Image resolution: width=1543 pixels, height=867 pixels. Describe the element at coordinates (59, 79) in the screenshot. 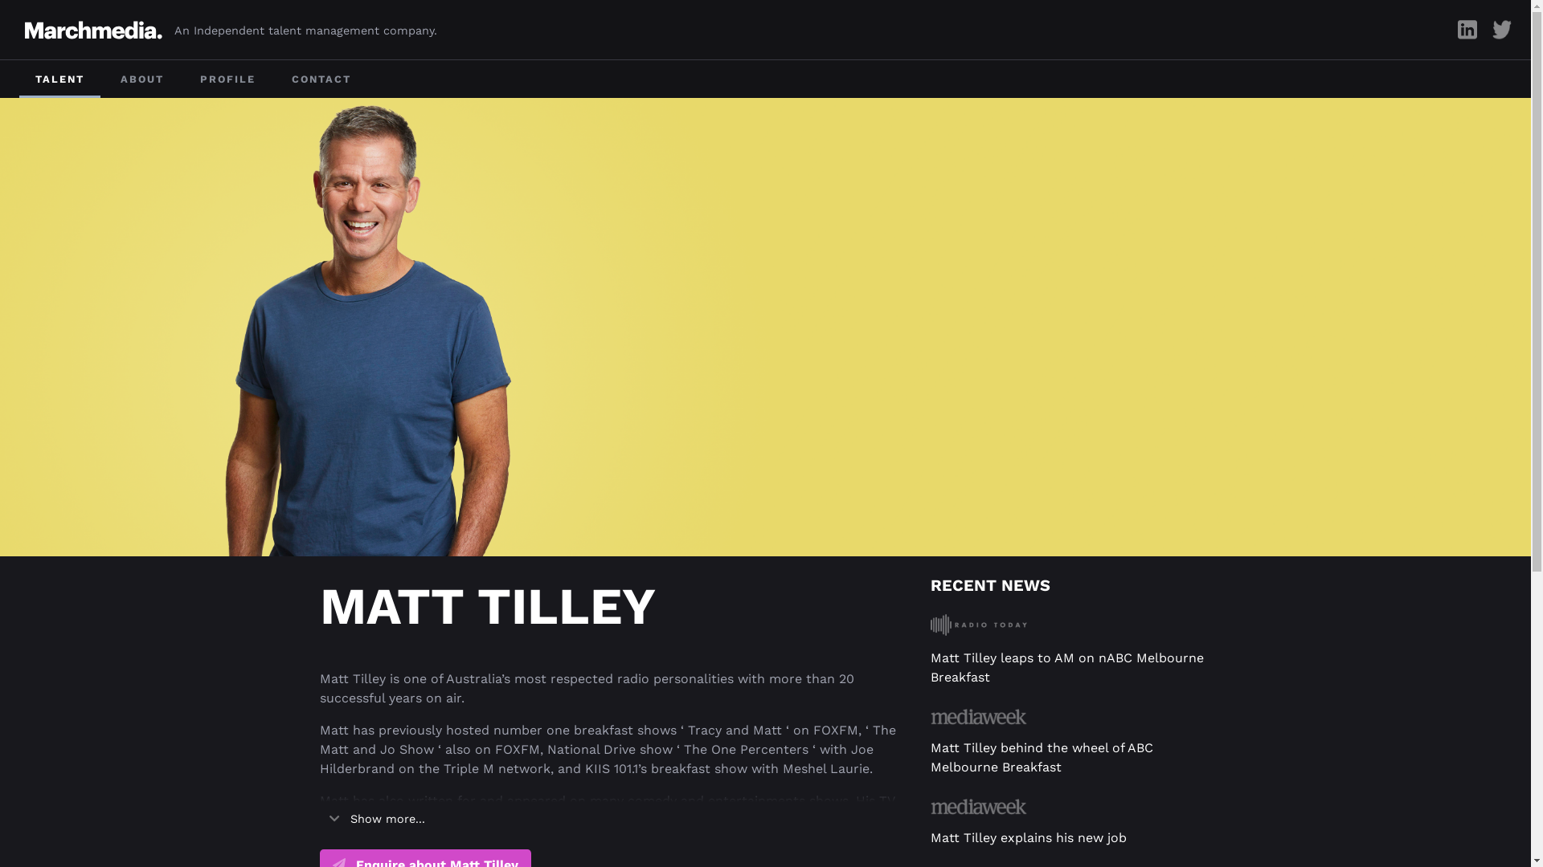

I see `'TALENT'` at that location.